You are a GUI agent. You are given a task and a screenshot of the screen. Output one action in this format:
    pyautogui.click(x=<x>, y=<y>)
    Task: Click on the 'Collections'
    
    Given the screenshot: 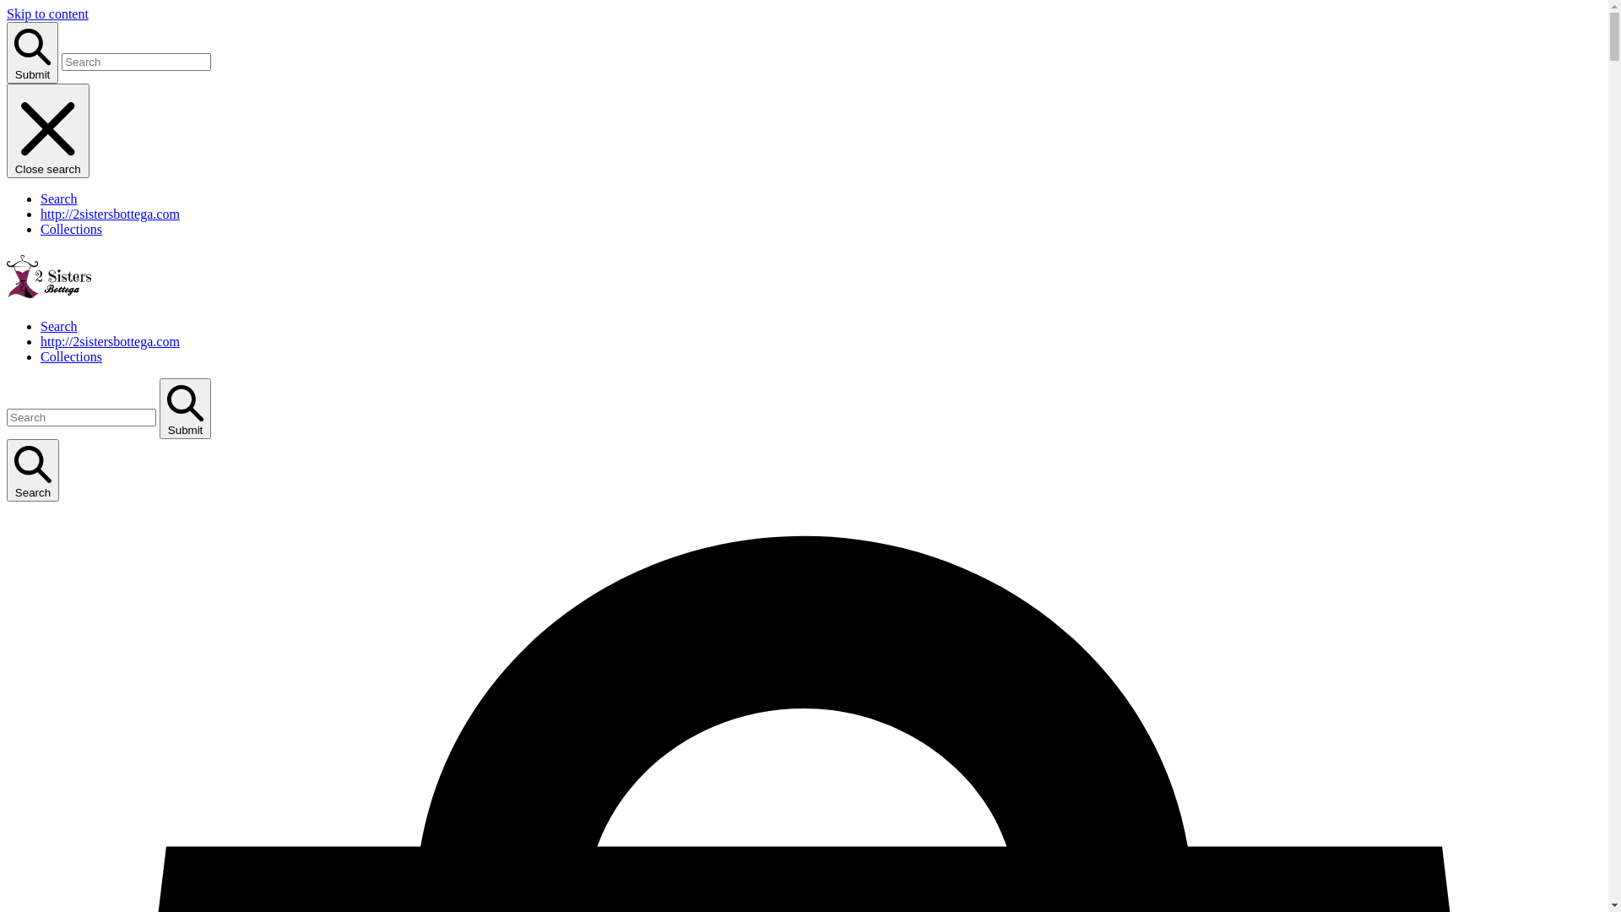 What is the action you would take?
    pyautogui.click(x=70, y=356)
    